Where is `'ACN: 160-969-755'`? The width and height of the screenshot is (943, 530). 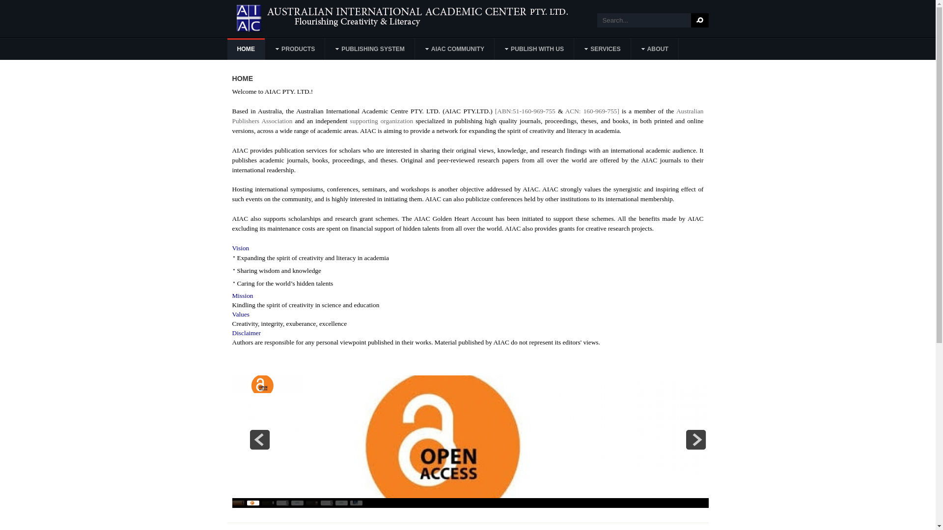
'ACN: 160-969-755' is located at coordinates (591, 110).